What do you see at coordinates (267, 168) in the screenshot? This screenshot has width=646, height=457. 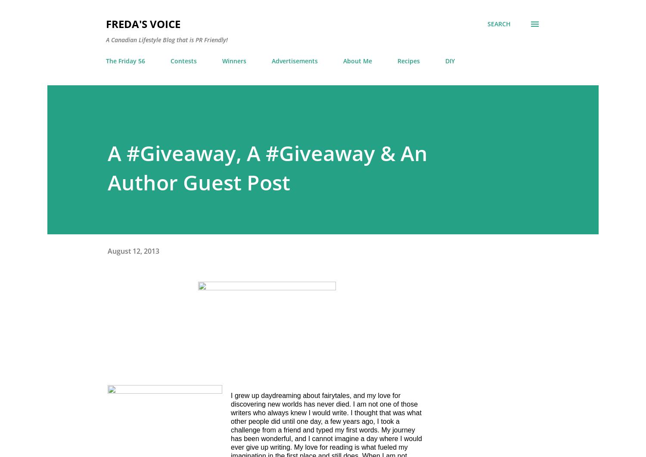 I see `'A #Giveaway, A #Giveaway & An Author Guest Post'` at bounding box center [267, 168].